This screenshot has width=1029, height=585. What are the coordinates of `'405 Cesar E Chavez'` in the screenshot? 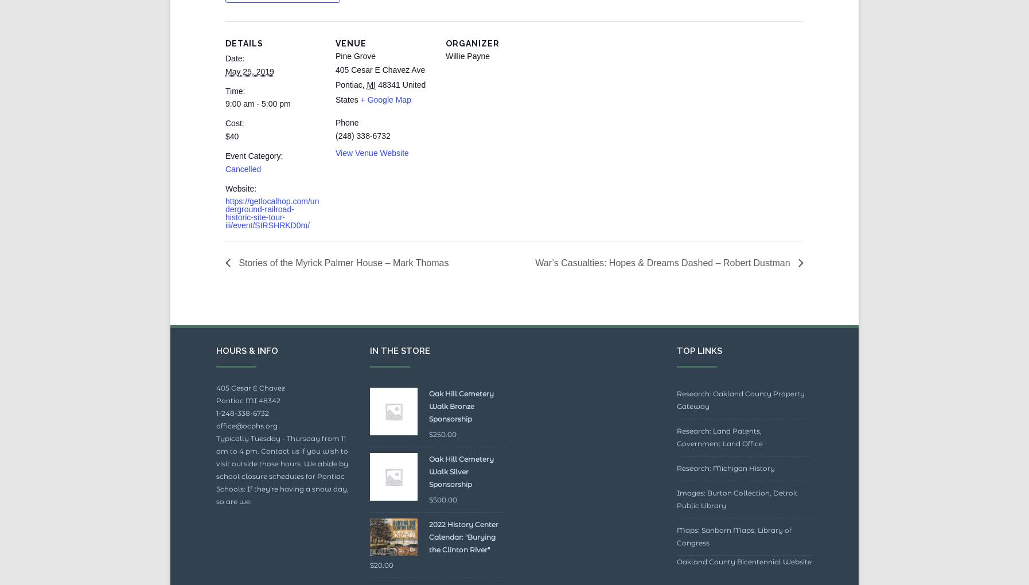 It's located at (250, 414).